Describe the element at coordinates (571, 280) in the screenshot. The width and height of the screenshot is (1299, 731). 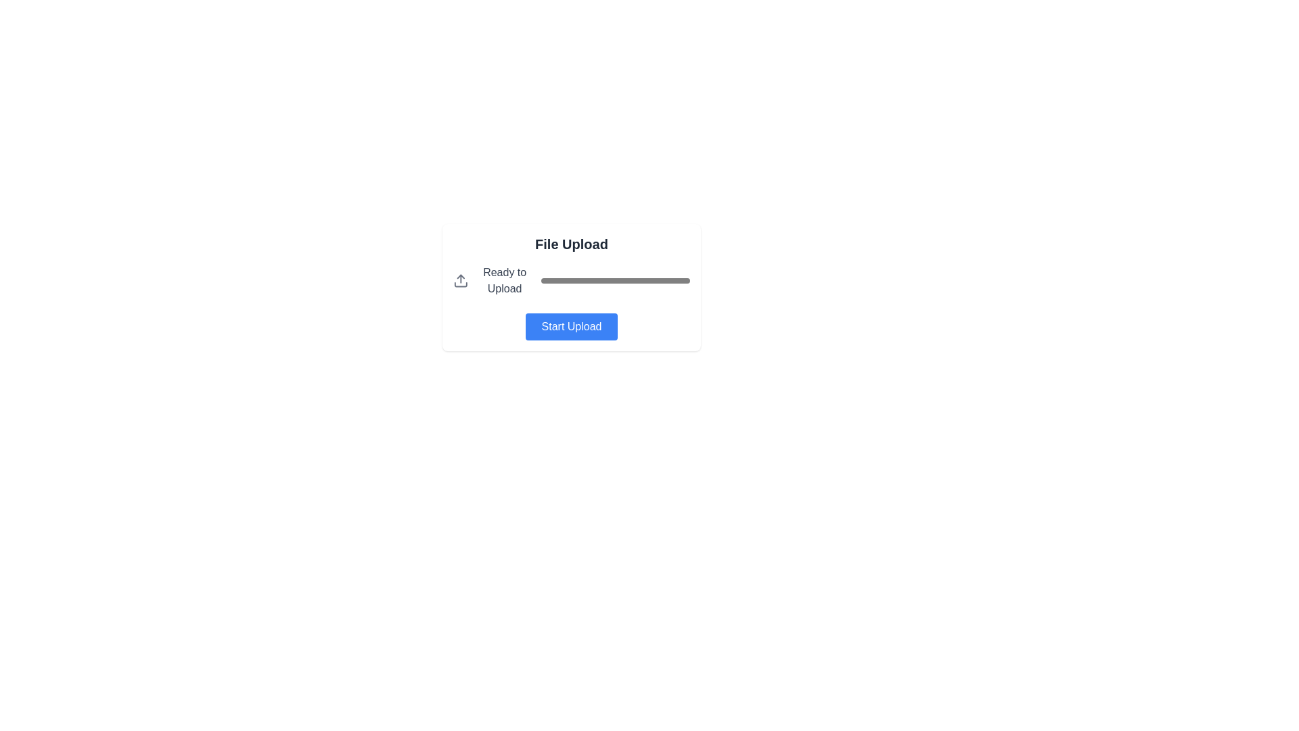
I see `the progress bar located within the 'File Upload' panel, directly below the title 'File Upload' and above the 'Start Upload' button` at that location.